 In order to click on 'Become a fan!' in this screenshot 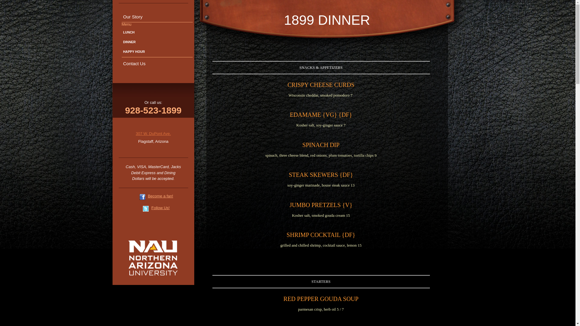, I will do `click(160, 196)`.